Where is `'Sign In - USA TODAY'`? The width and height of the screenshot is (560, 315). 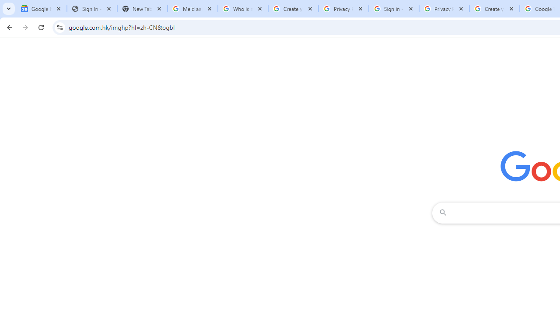
'Sign In - USA TODAY' is located at coordinates (91, 9).